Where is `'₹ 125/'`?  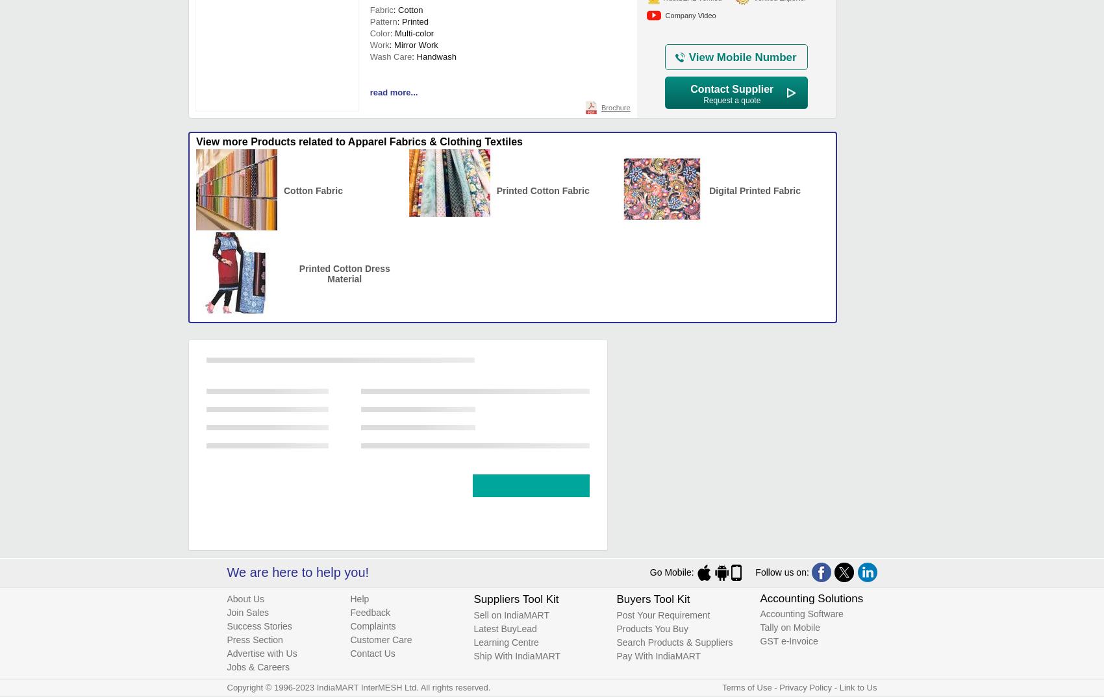 '₹ 125/' is located at coordinates (679, 294).